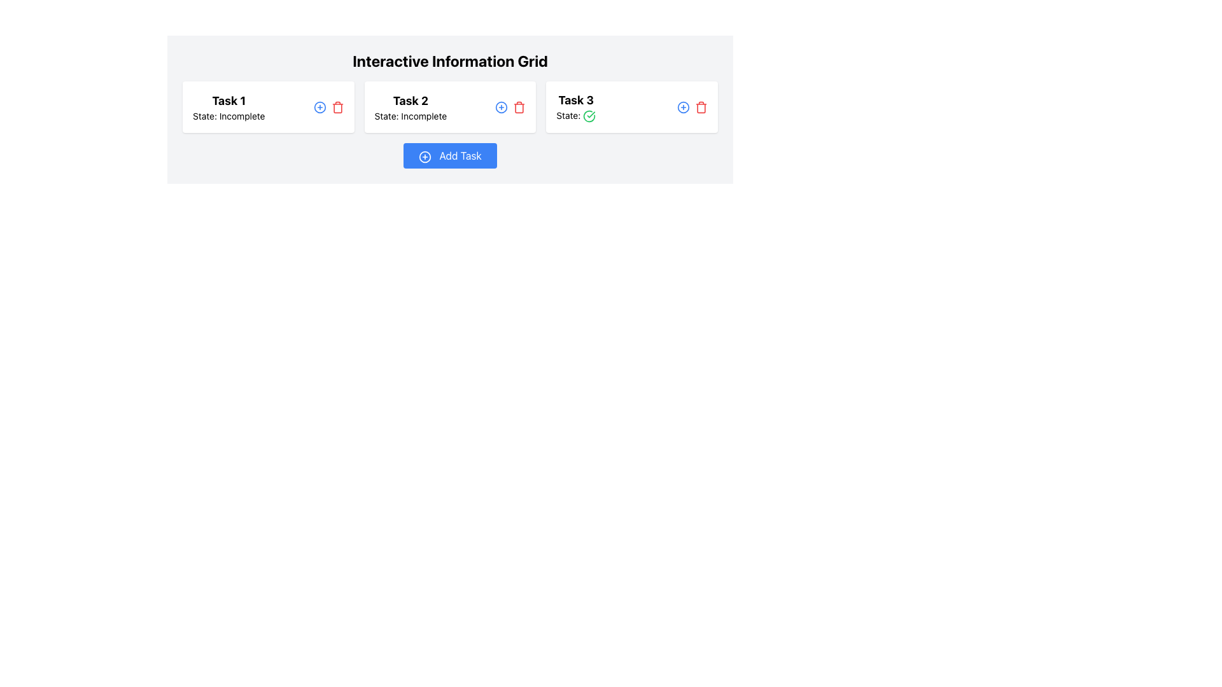 The height and width of the screenshot is (687, 1222). Describe the element at coordinates (683, 106) in the screenshot. I see `the central circular graphical element of the 'plus' symbol icon next to 'Task 3' in the 'Interactive Information Grid'` at that location.